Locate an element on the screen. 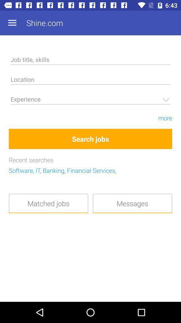  job little box is located at coordinates (90, 60).